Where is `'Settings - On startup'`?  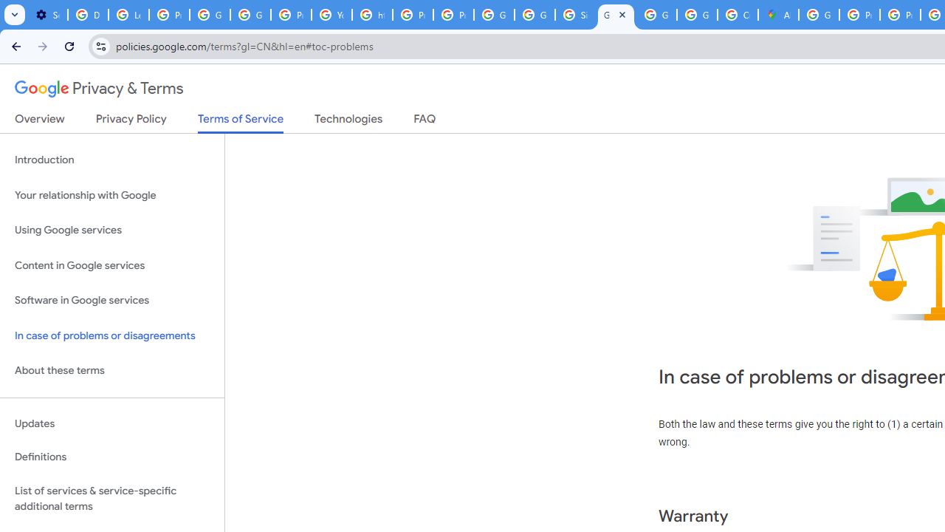
'Settings - On startup' is located at coordinates (47, 15).